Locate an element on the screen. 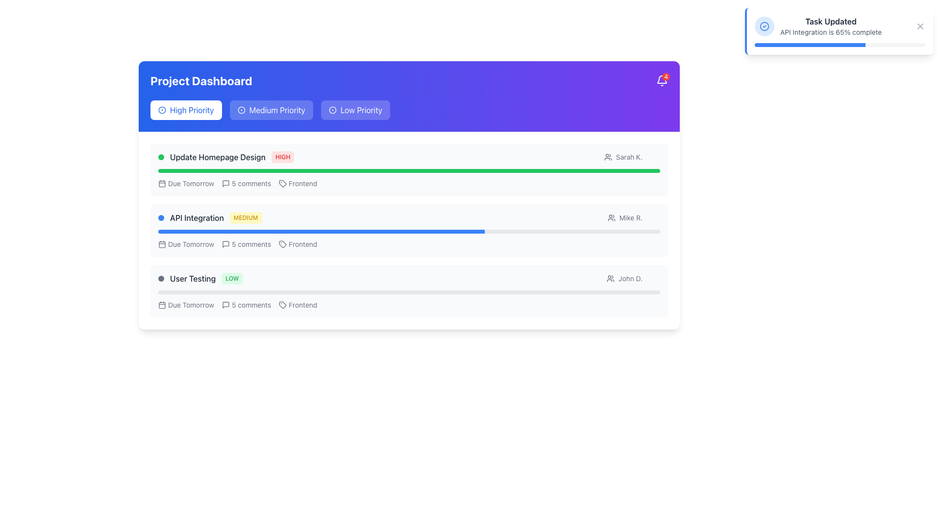 The width and height of the screenshot is (941, 529). the text and icon combination that indicates 'Due Tomorrow', which is part of the 'API Integration' task row and features a calendar icon to the left of the text is located at coordinates (186, 243).